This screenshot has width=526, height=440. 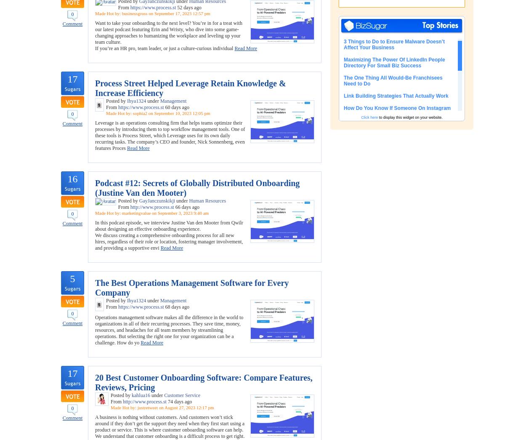 I want to click on 'businessgross', so click(x=134, y=13).